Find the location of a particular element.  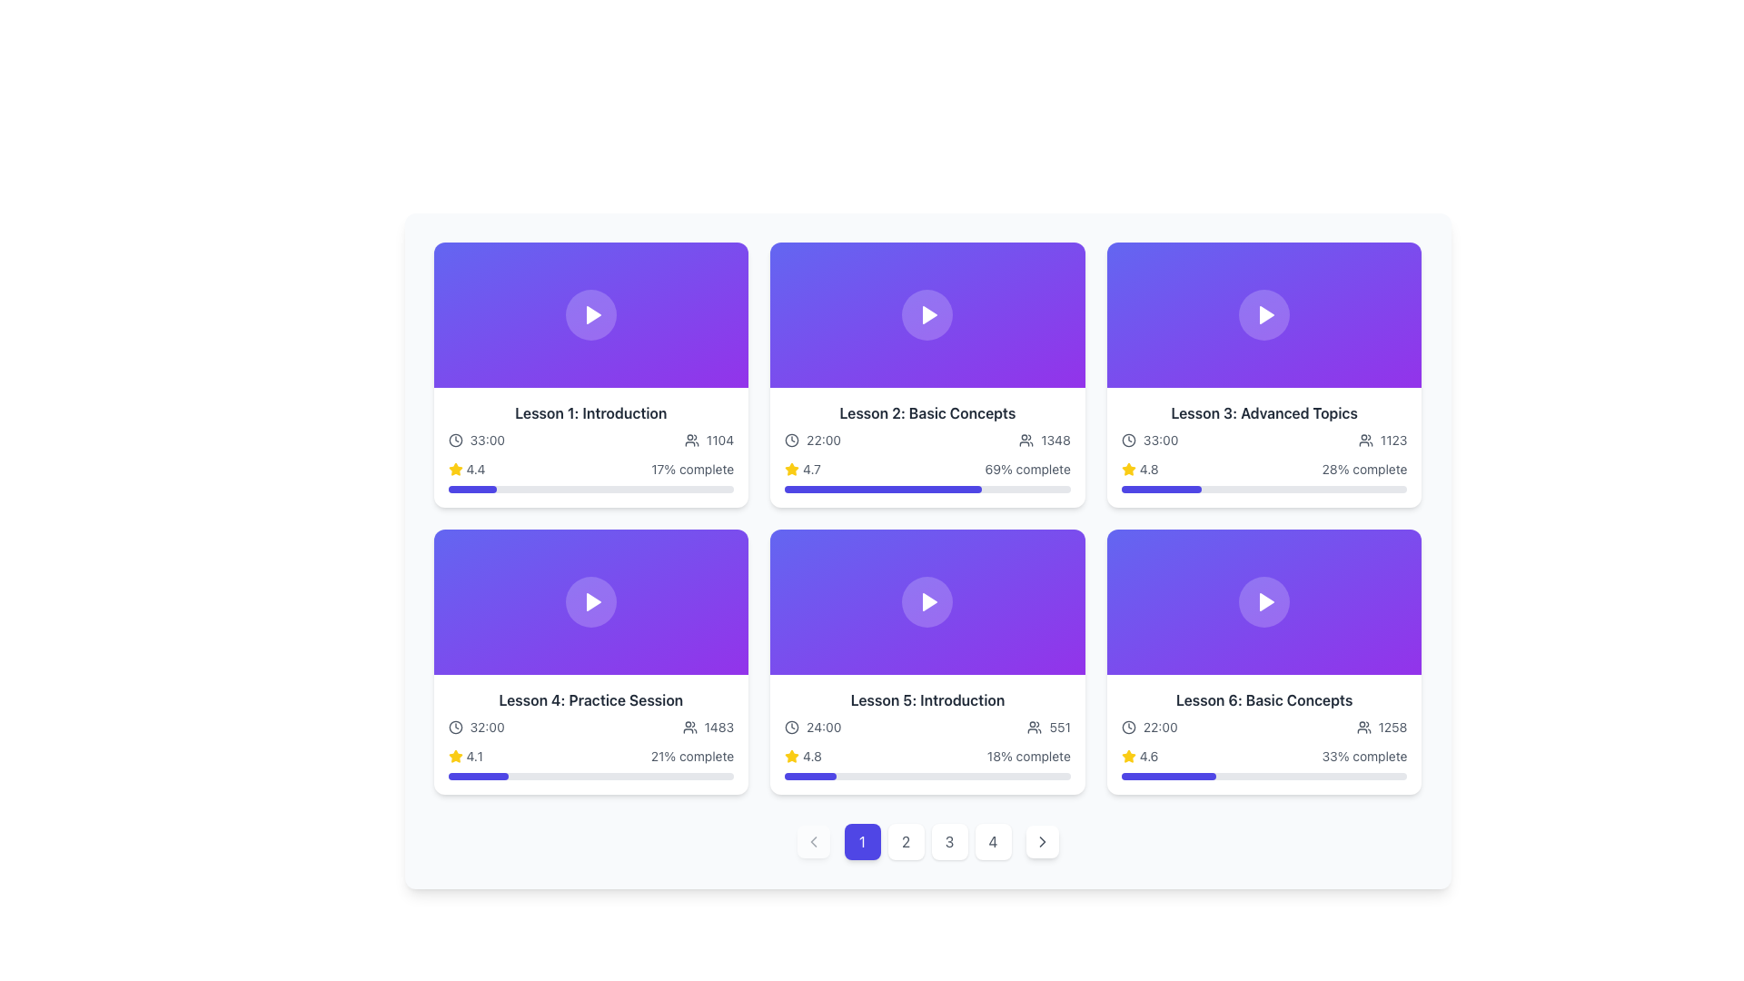

the small, circular clock icon located in the fifth lesson card, adjacent to the text '24:00' is located at coordinates (792, 727).